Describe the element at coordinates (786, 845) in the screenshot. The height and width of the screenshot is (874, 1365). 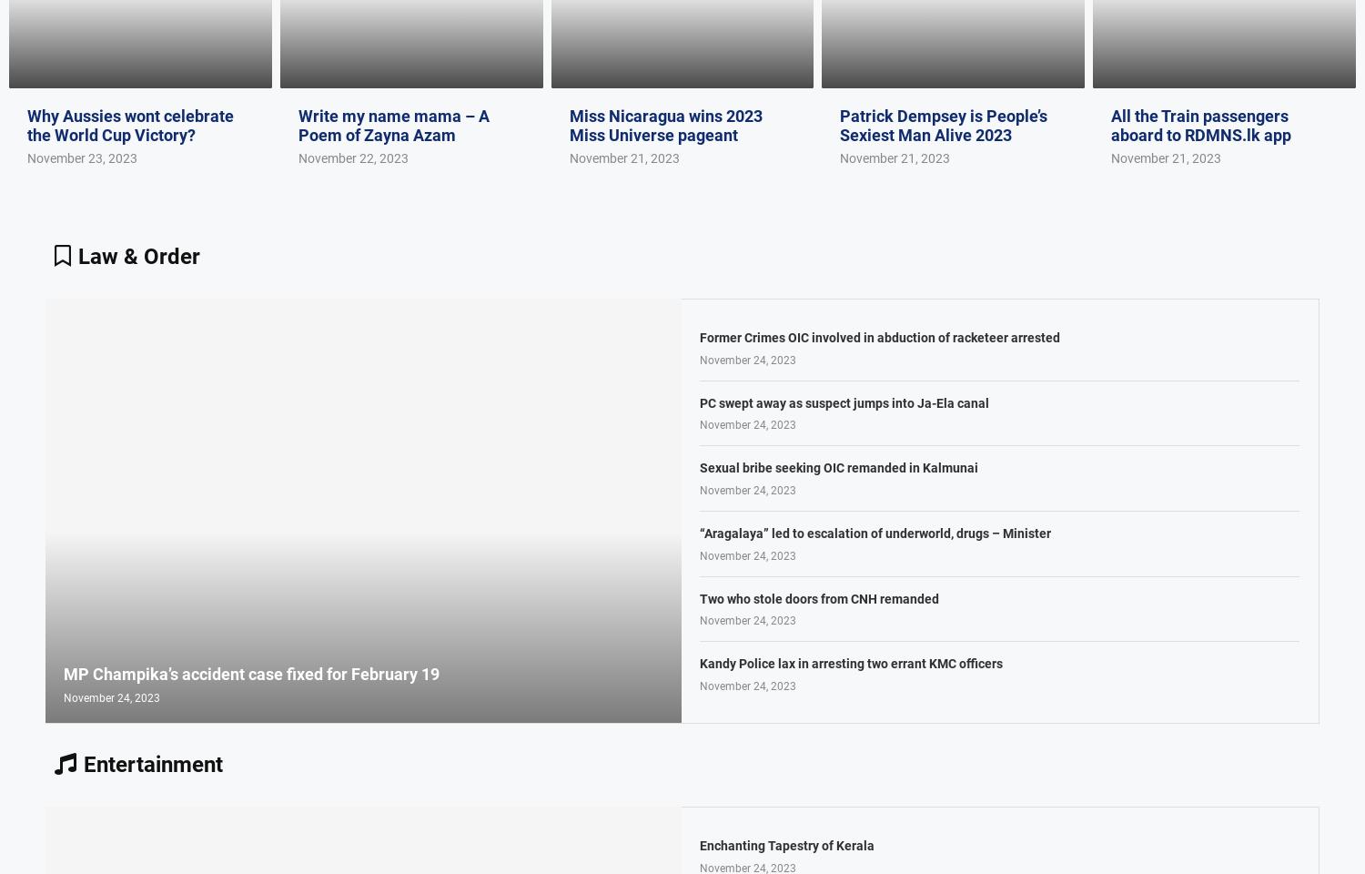
I see `'Enchanting Tapestry of Kerala'` at that location.